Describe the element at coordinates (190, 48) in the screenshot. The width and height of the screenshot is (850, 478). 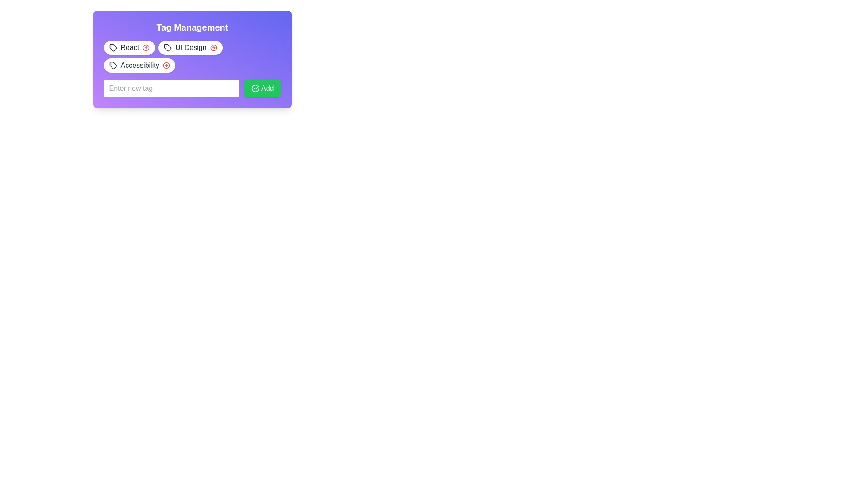
I see `the close icon of the 'UI Design' tag` at that location.